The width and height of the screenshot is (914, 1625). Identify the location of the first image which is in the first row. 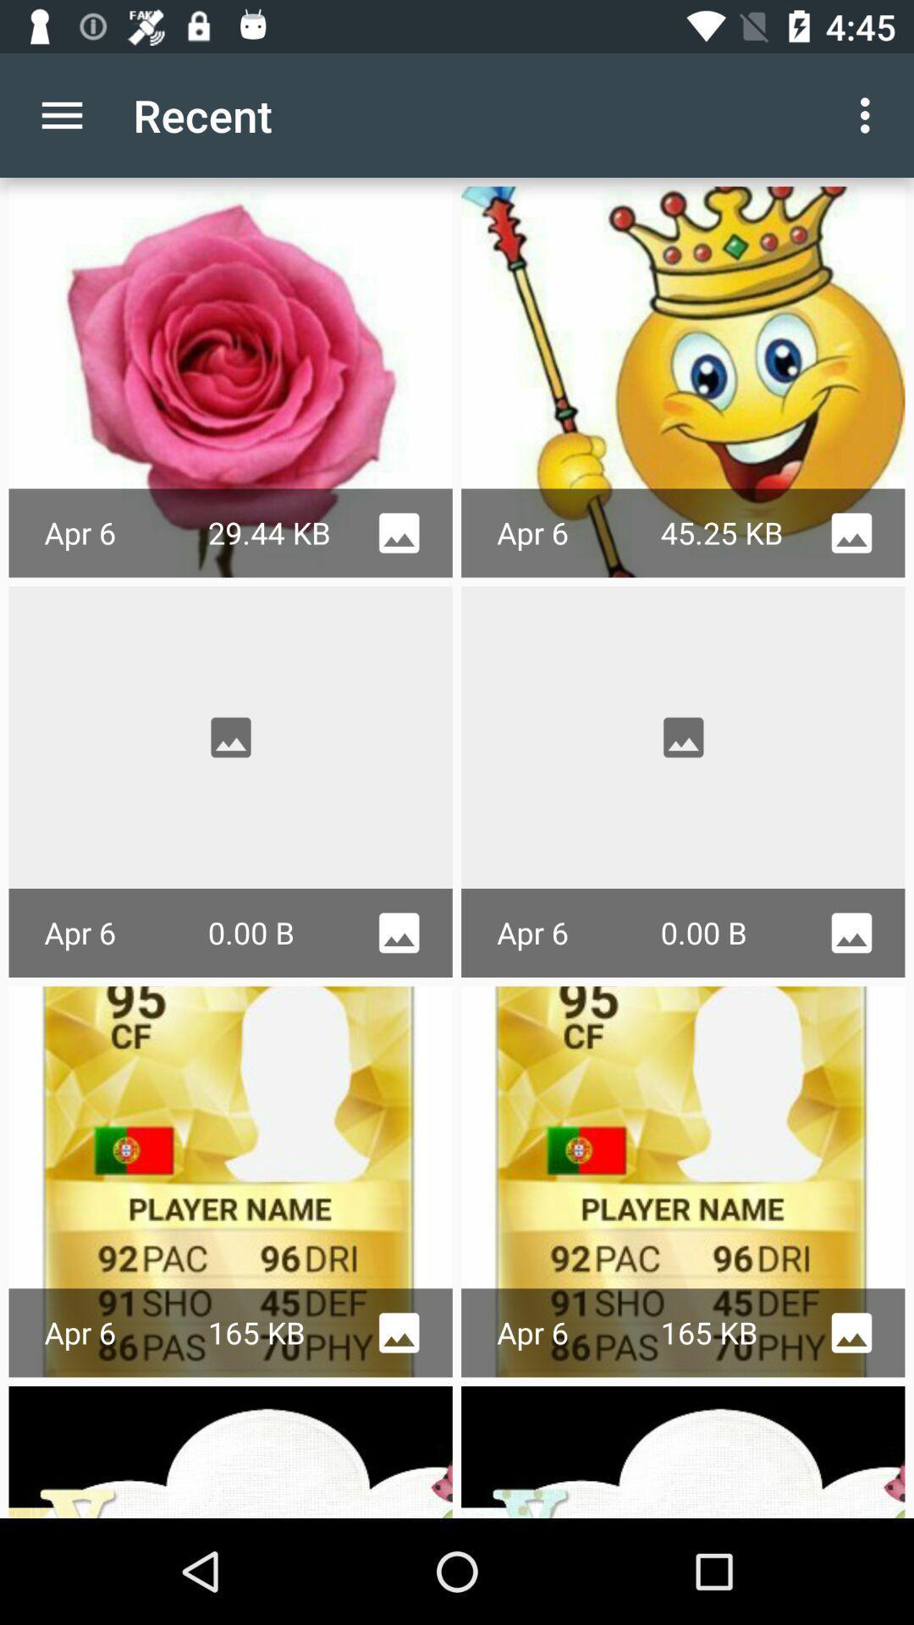
(231, 381).